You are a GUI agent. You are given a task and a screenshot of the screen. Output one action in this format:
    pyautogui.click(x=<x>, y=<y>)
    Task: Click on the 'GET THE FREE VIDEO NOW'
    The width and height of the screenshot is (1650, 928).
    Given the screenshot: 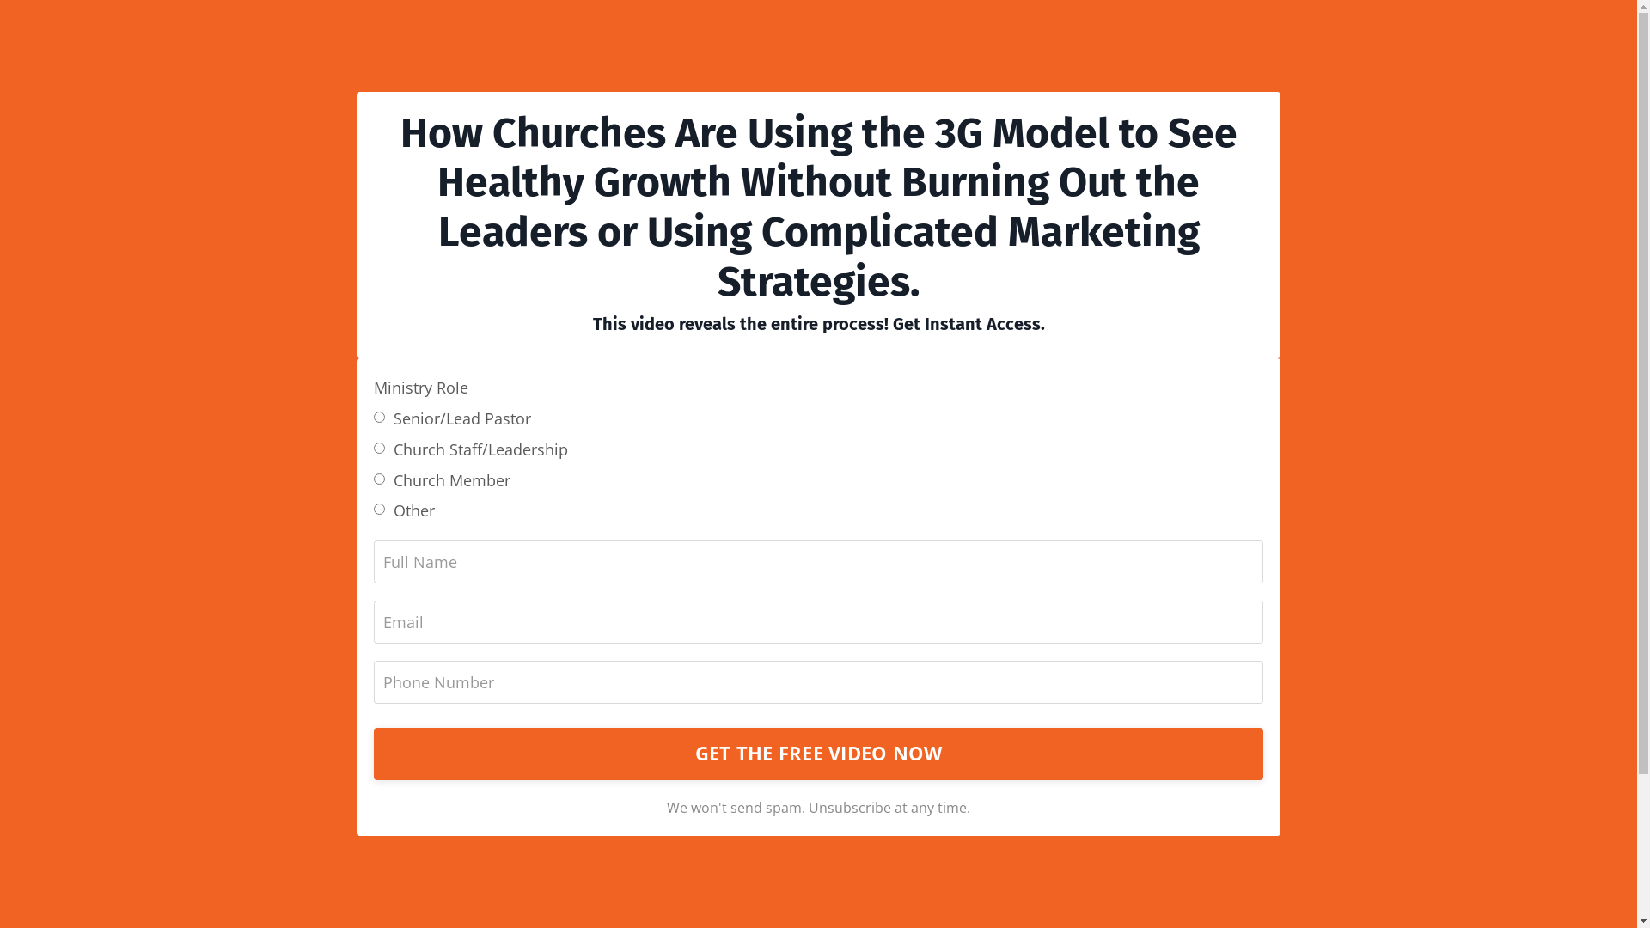 What is the action you would take?
    pyautogui.click(x=817, y=752)
    